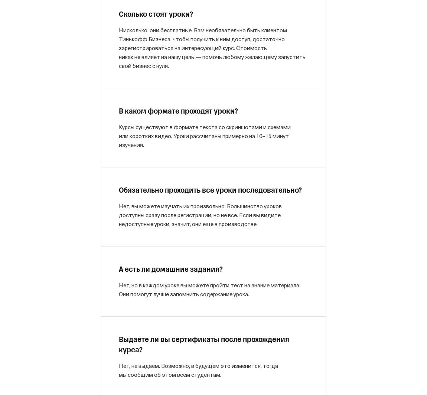 Image resolution: width=427 pixels, height=395 pixels. I want to click on 'А есть ли домашние задания?', so click(171, 269).